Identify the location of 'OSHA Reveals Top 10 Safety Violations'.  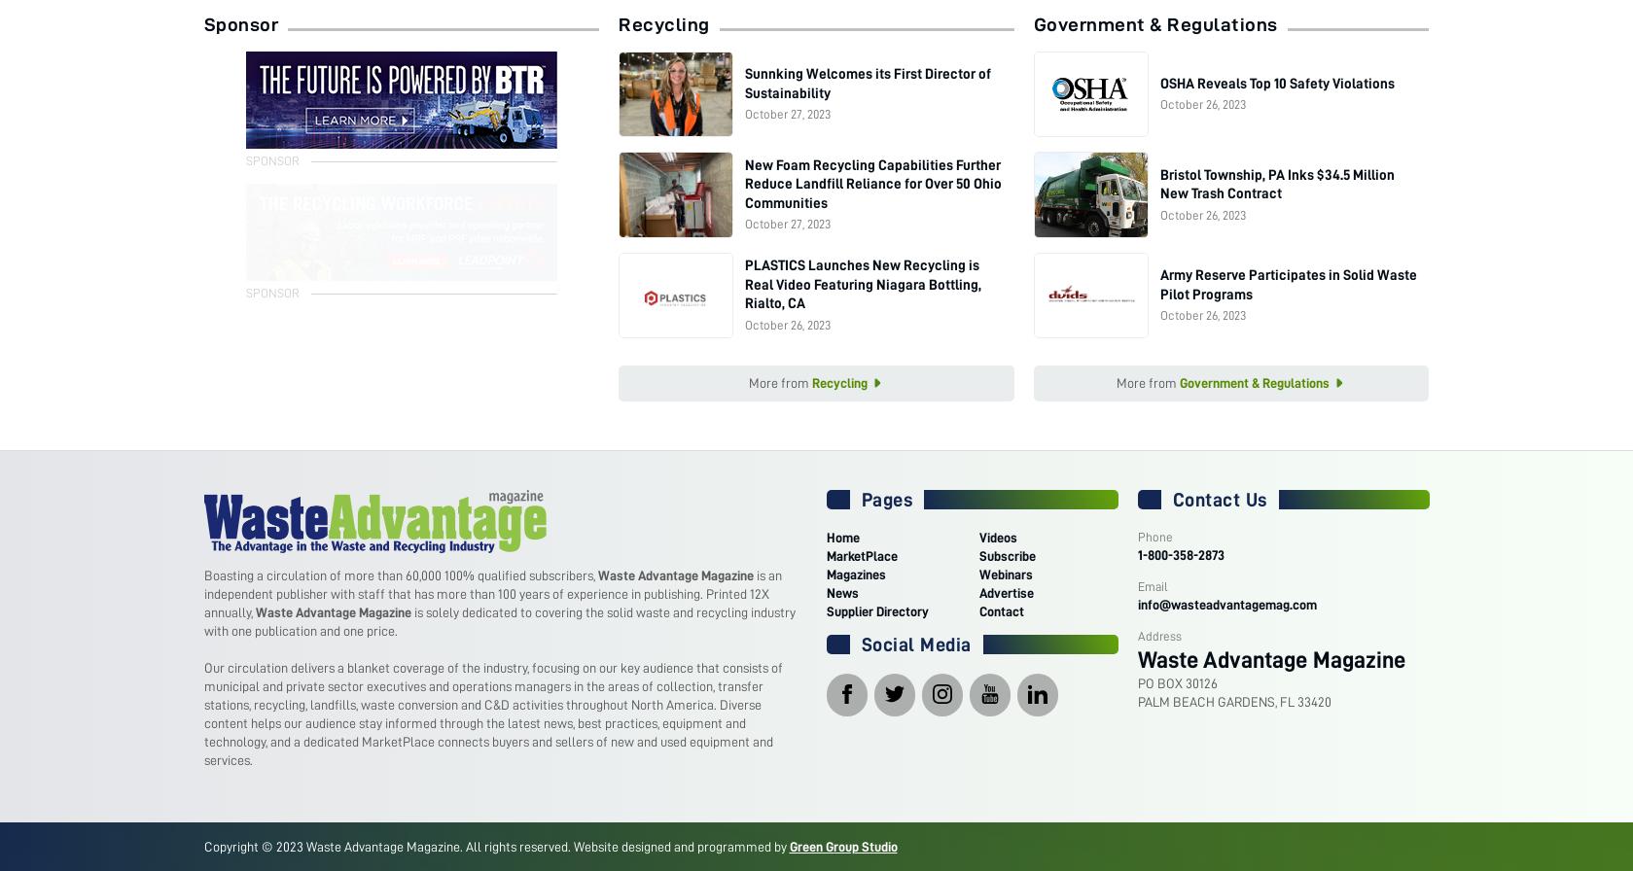
(1275, 83).